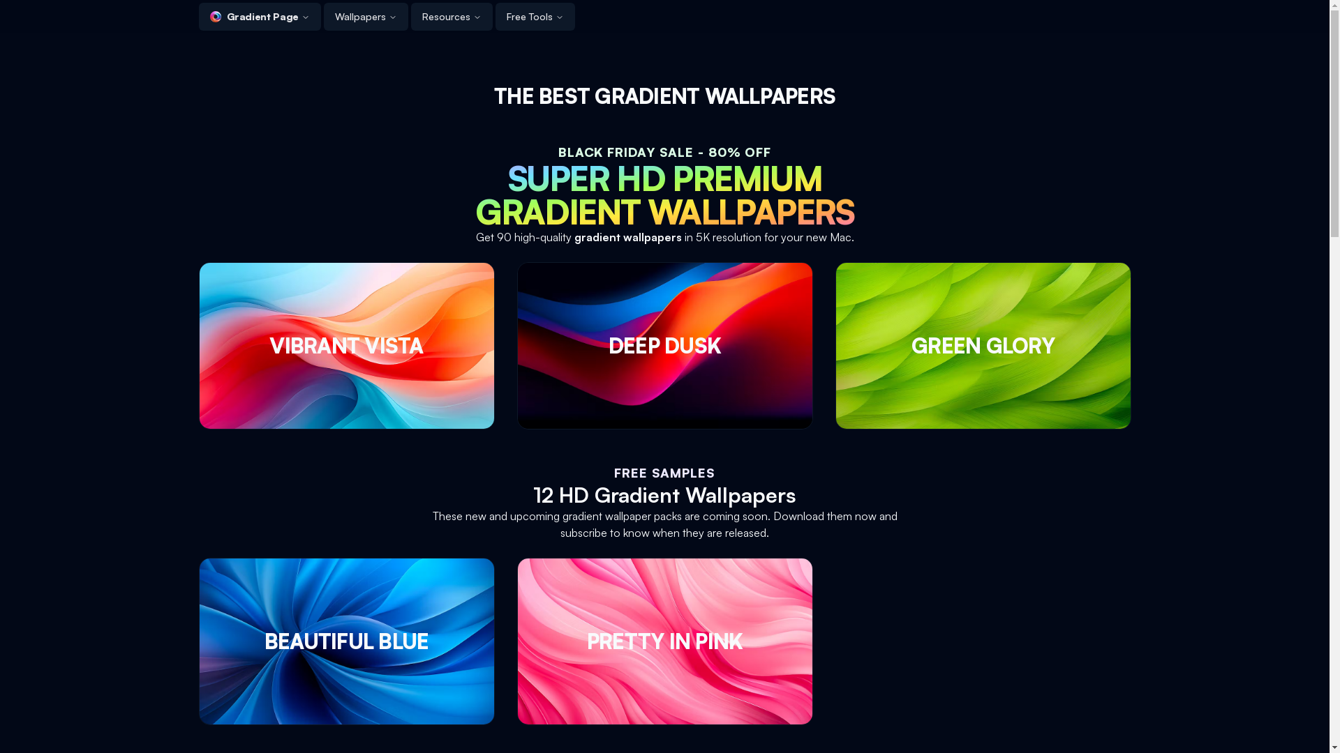 Image resolution: width=1340 pixels, height=753 pixels. Describe the element at coordinates (259, 16) in the screenshot. I see `'Gradient Page'` at that location.